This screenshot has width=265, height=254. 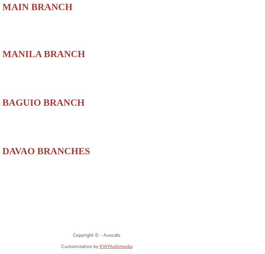 I want to click on 'Copyright © - Avocafe', so click(x=96, y=235).